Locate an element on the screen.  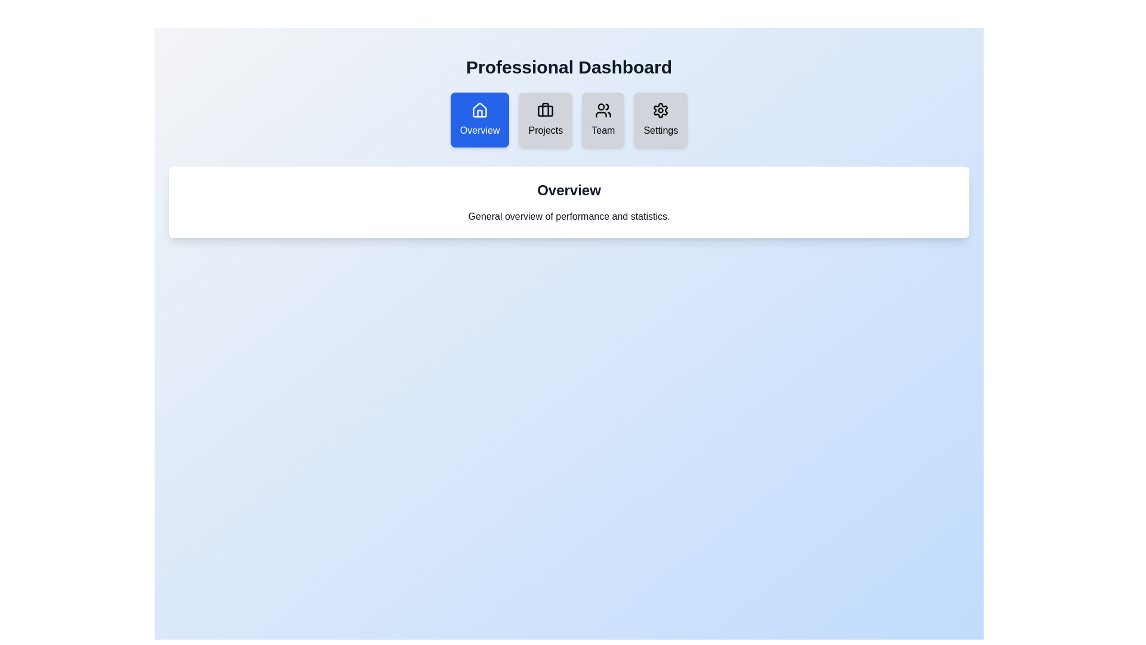
the header text 'Professional Dashboard' for copying is located at coordinates (568, 67).